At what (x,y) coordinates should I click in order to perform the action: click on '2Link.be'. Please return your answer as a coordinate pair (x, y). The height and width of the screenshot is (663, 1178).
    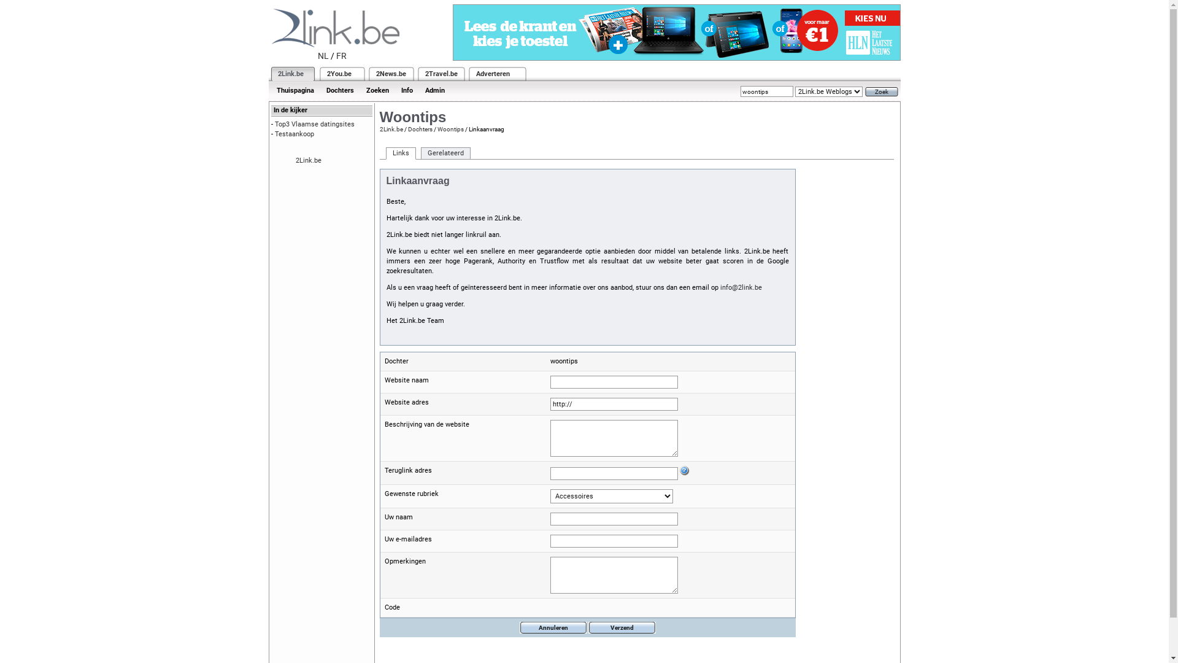
    Looking at the image, I should click on (290, 74).